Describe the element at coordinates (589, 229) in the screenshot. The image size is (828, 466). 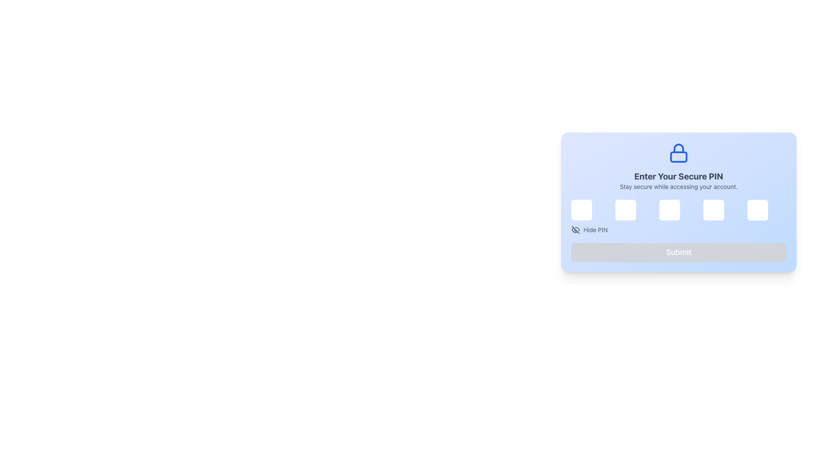
I see `the 'Hide PIN' button, which is a small gray text link with an eye-shaped icon, located below the PIN input boxes and above the 'Submit' button` at that location.